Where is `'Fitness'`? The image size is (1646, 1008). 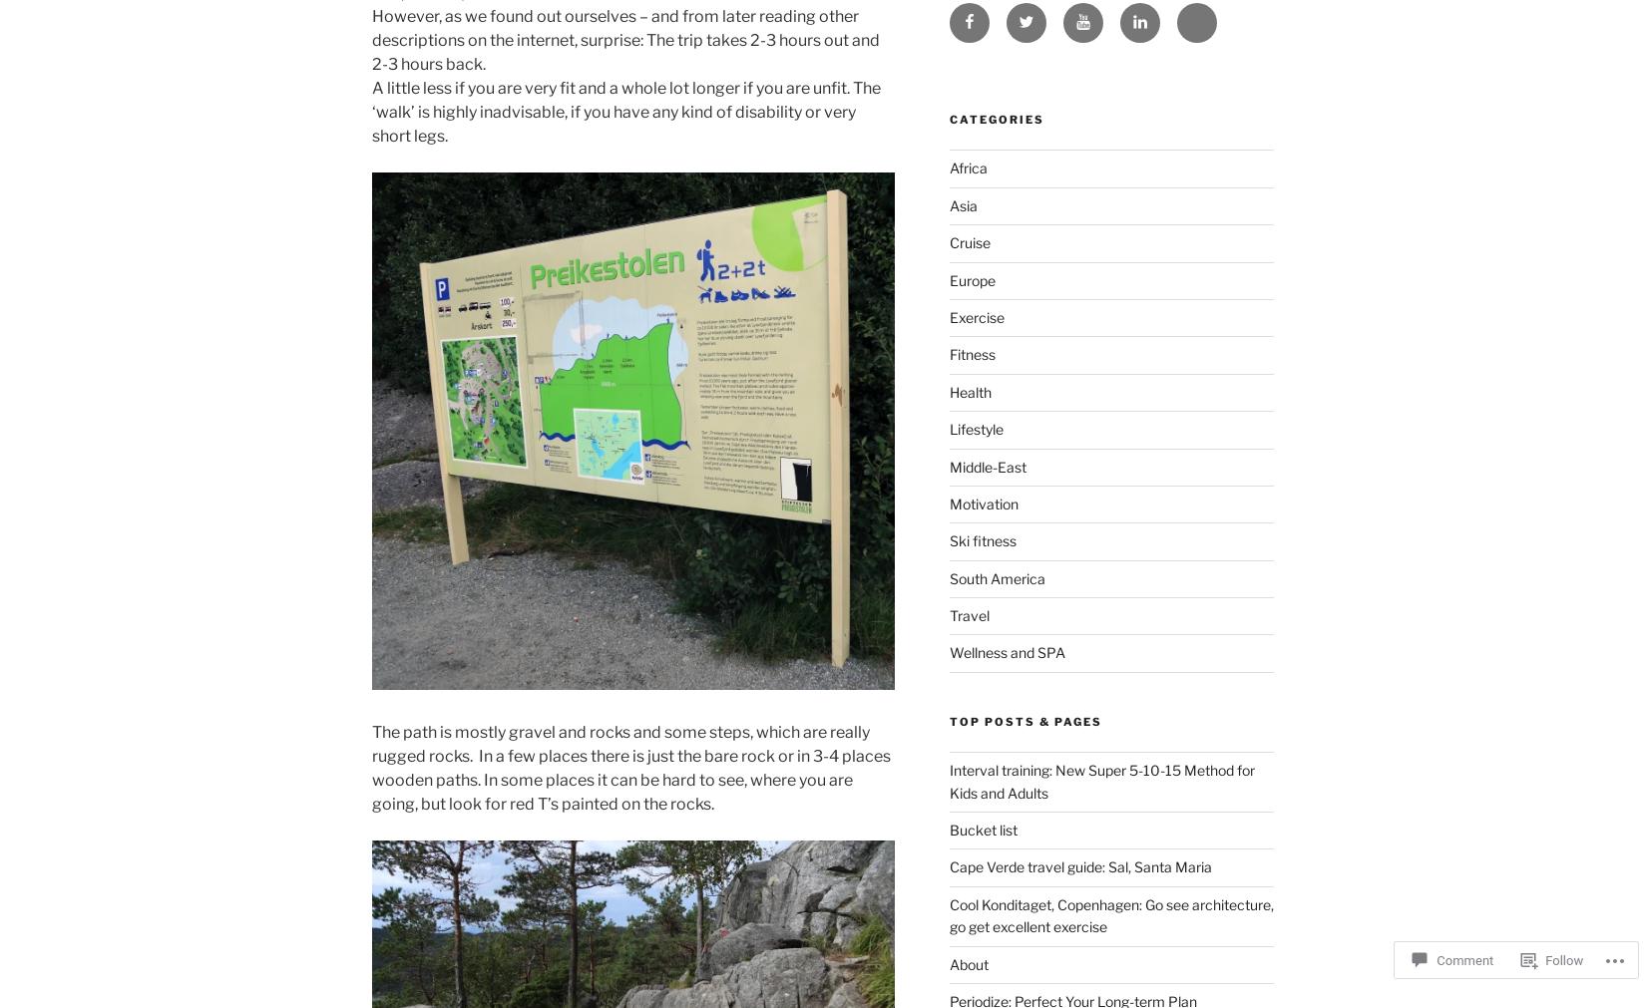 'Fitness' is located at coordinates (971, 353).